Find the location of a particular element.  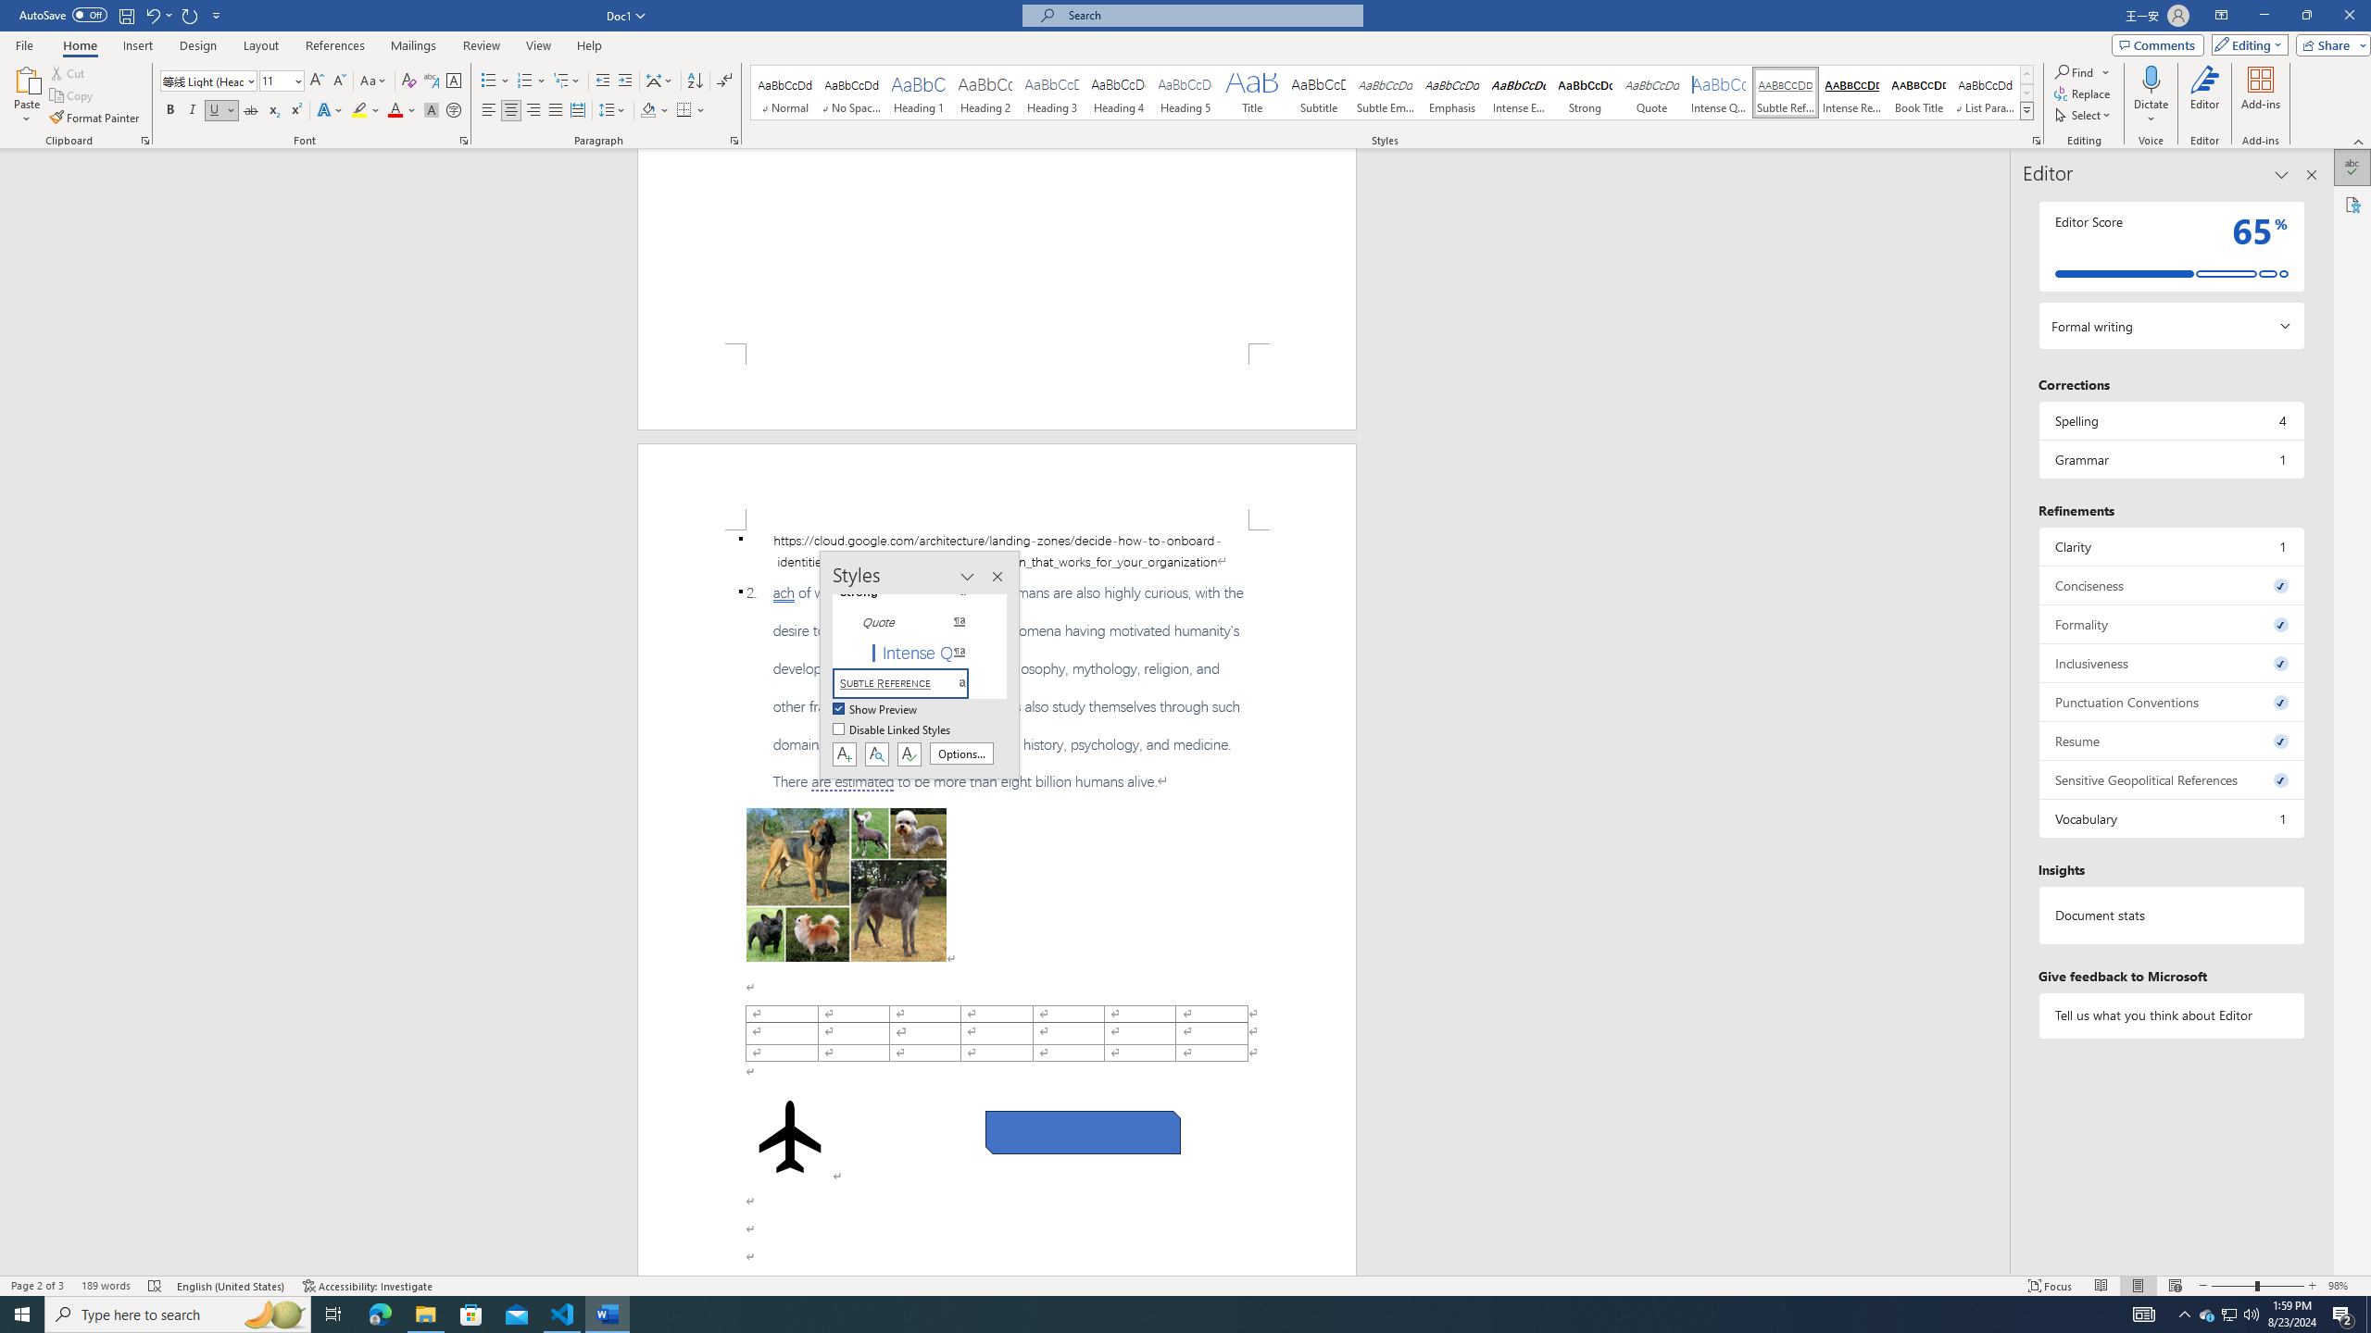

'Increase Indent' is located at coordinates (623, 81).